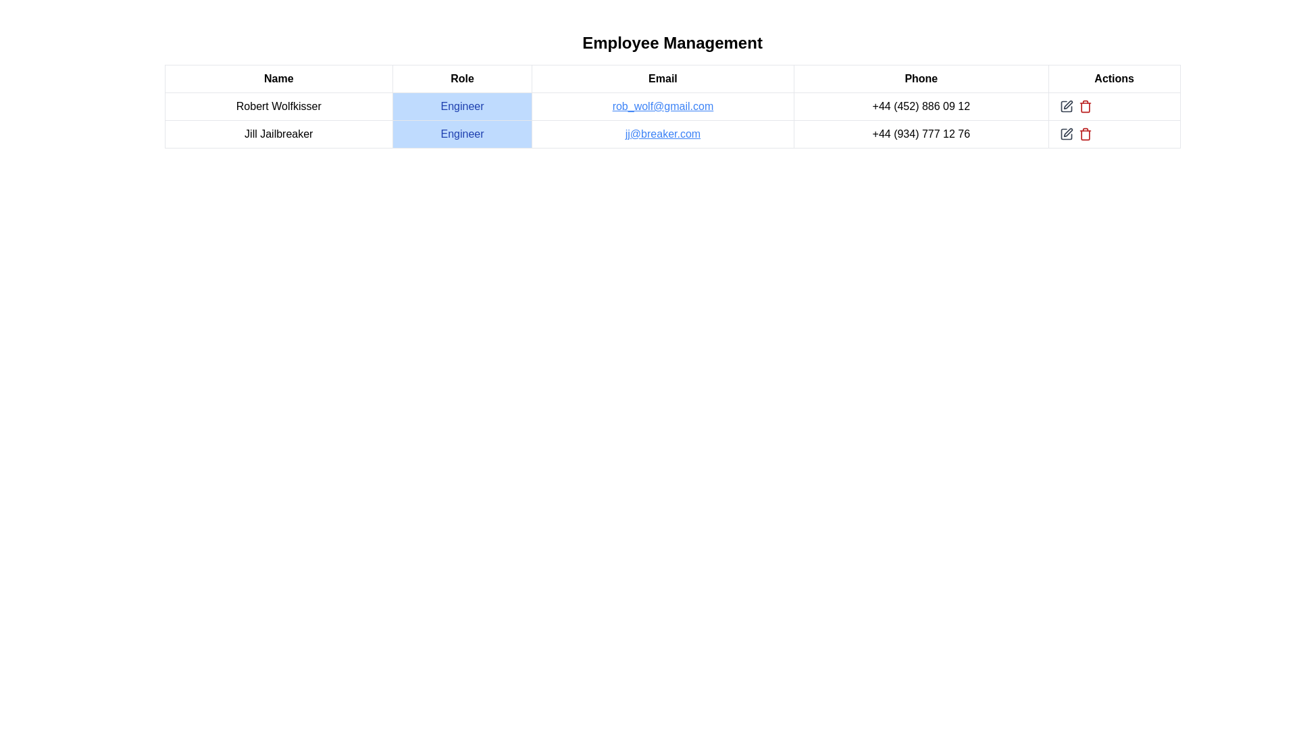  Describe the element at coordinates (462, 134) in the screenshot. I see `the informational label indicating the professional role 'Engineer' for 'Jill Jailbreaker' in the Role column of the table` at that location.